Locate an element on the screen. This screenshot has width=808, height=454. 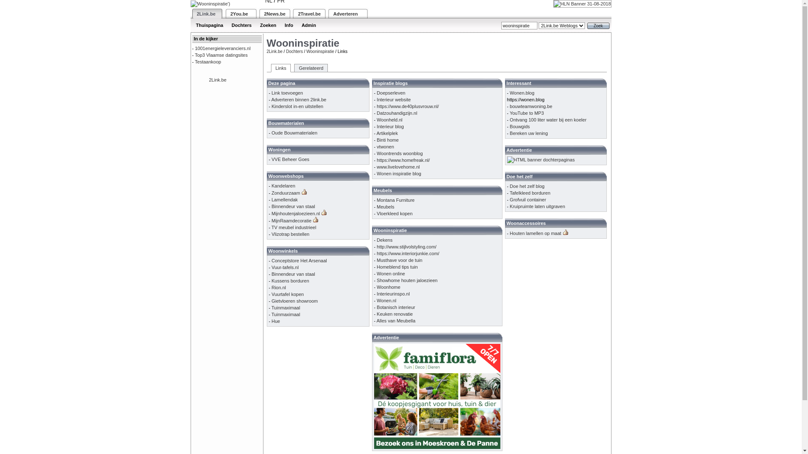
'Alles van Meubella' is located at coordinates (376, 321).